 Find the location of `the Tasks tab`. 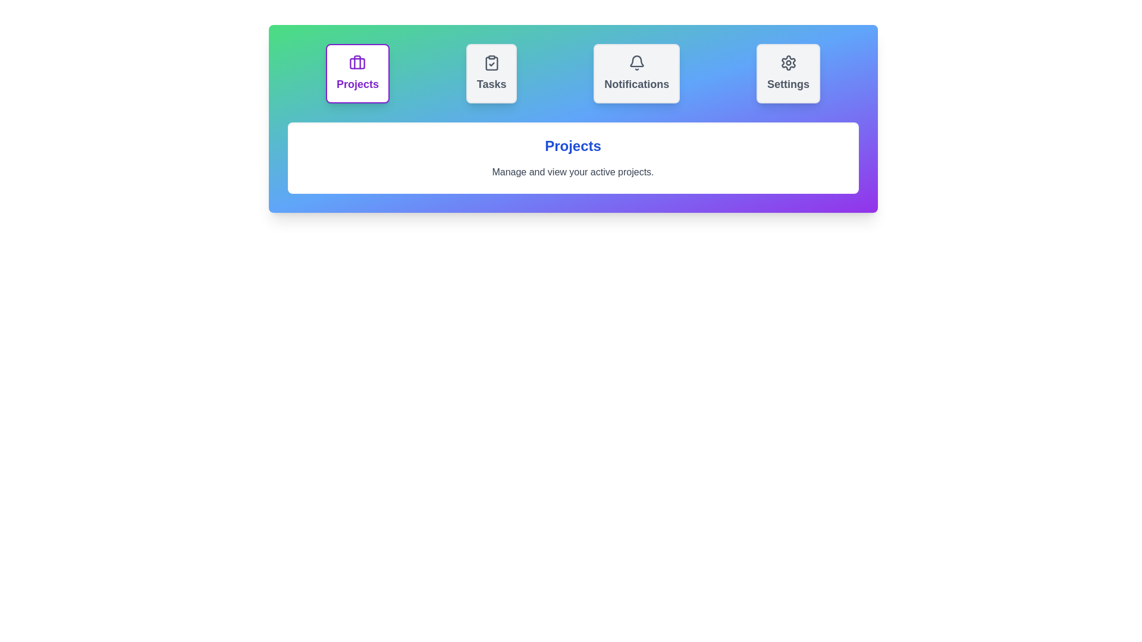

the Tasks tab is located at coordinates (491, 73).